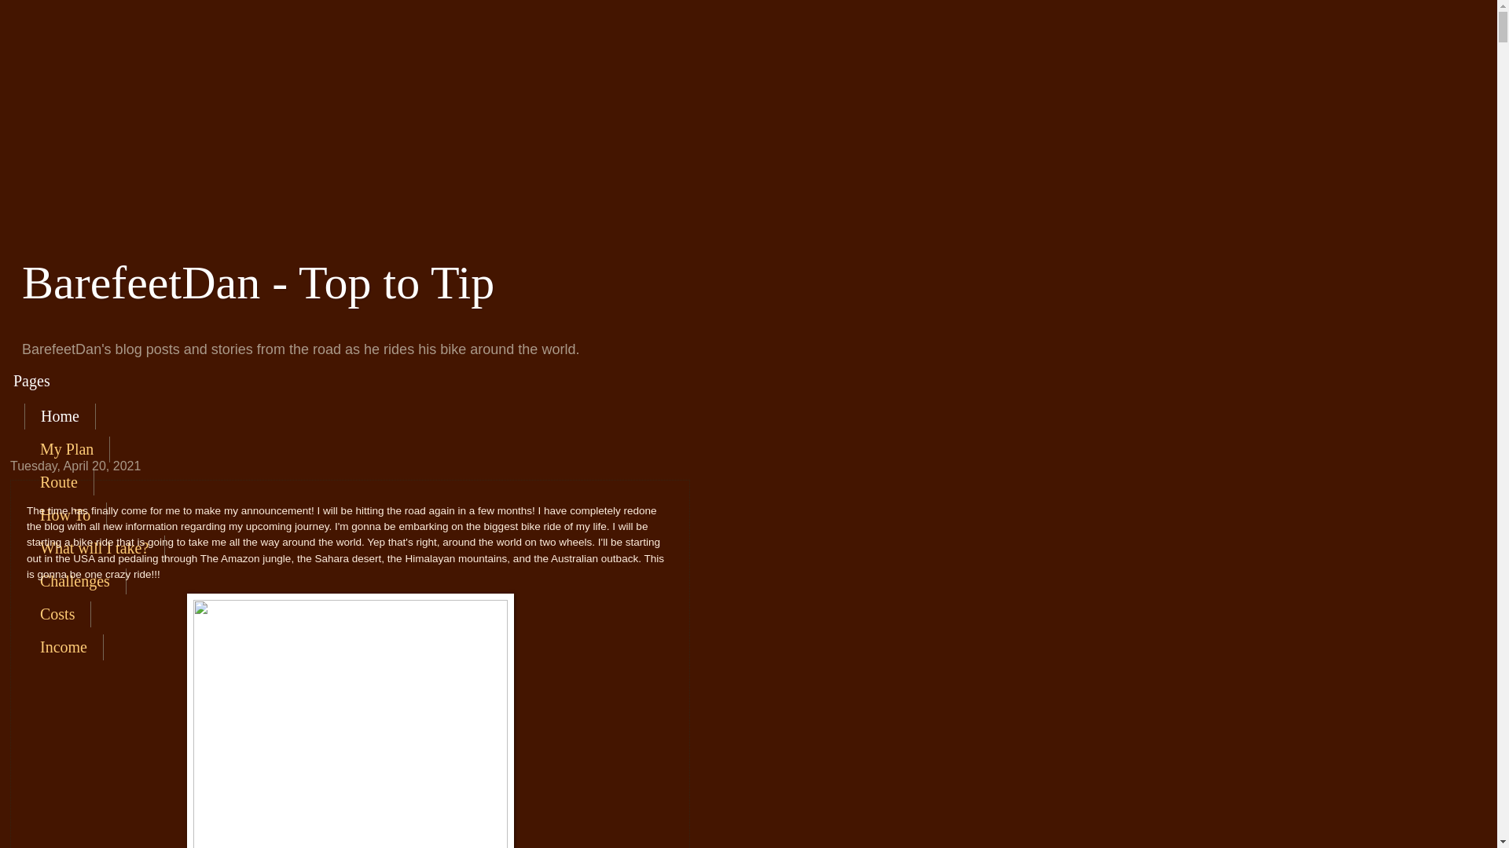 The height and width of the screenshot is (848, 1509). What do you see at coordinates (60, 415) in the screenshot?
I see `'Home'` at bounding box center [60, 415].